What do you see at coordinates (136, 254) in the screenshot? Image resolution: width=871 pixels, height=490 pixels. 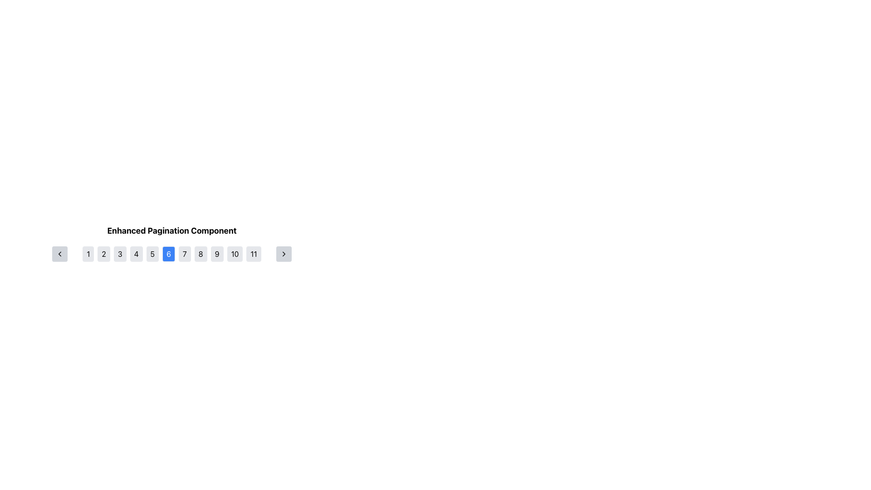 I see `the pagination button labeled '4'` at bounding box center [136, 254].